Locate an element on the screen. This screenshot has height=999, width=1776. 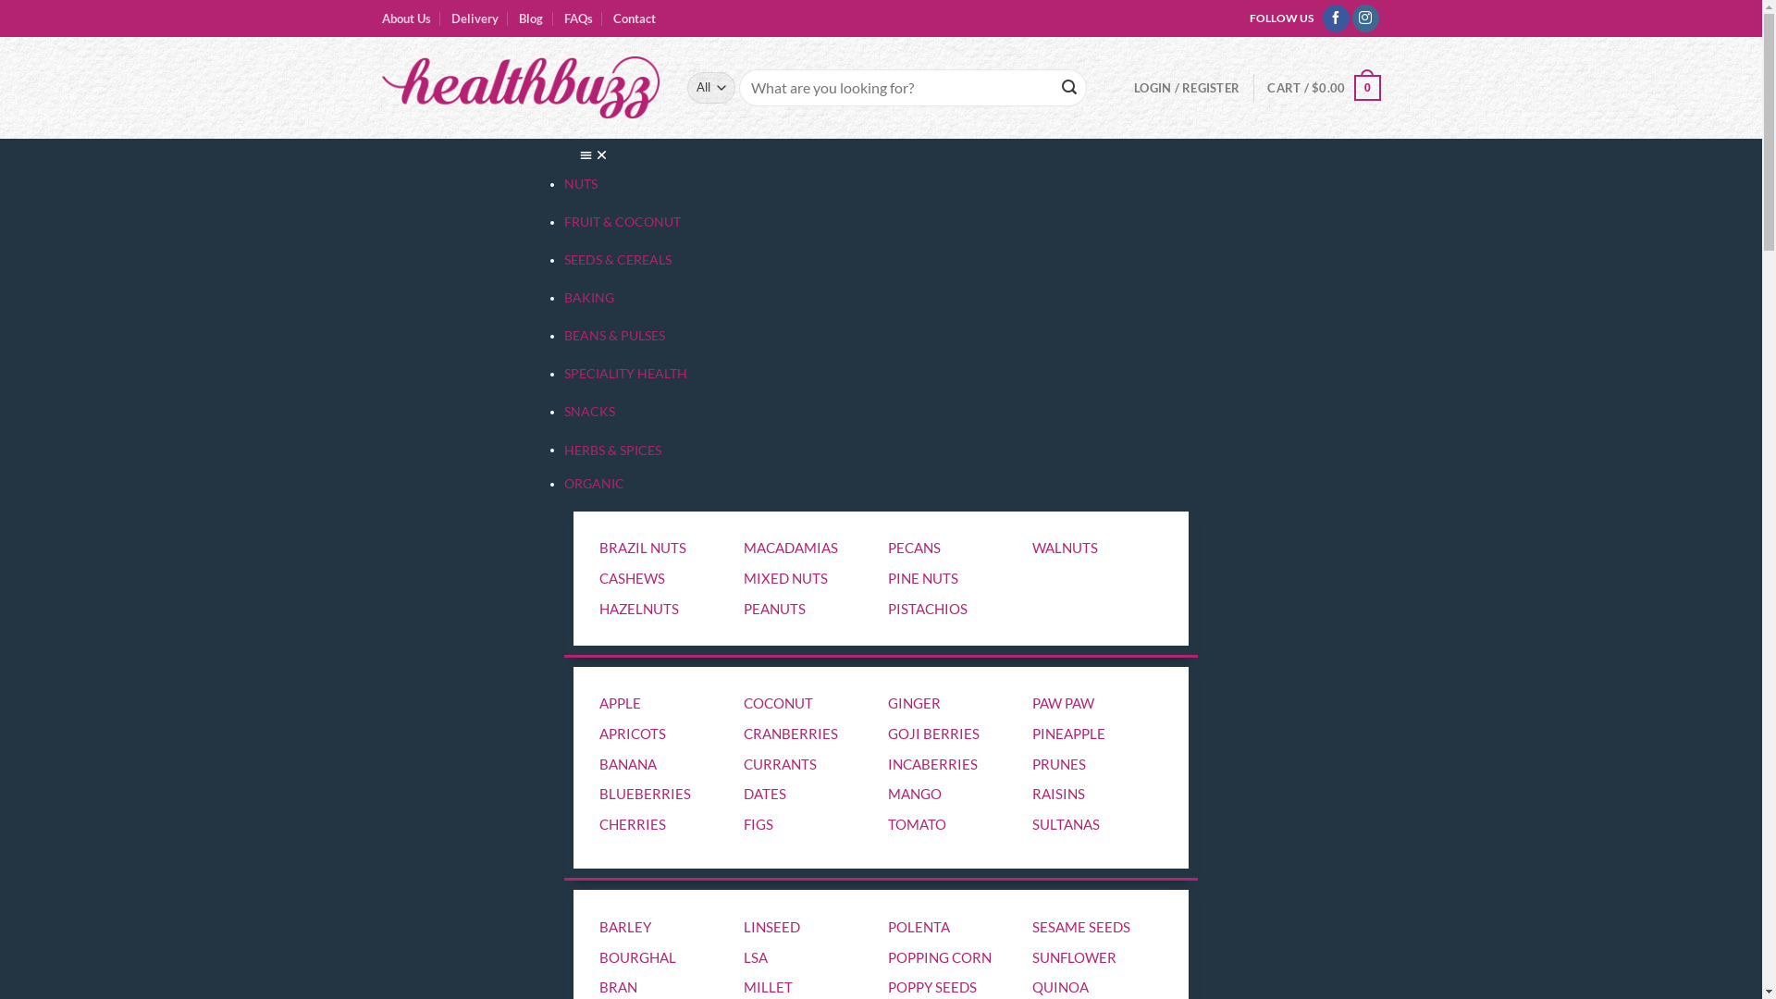
'RAISINS' is located at coordinates (1058, 792).